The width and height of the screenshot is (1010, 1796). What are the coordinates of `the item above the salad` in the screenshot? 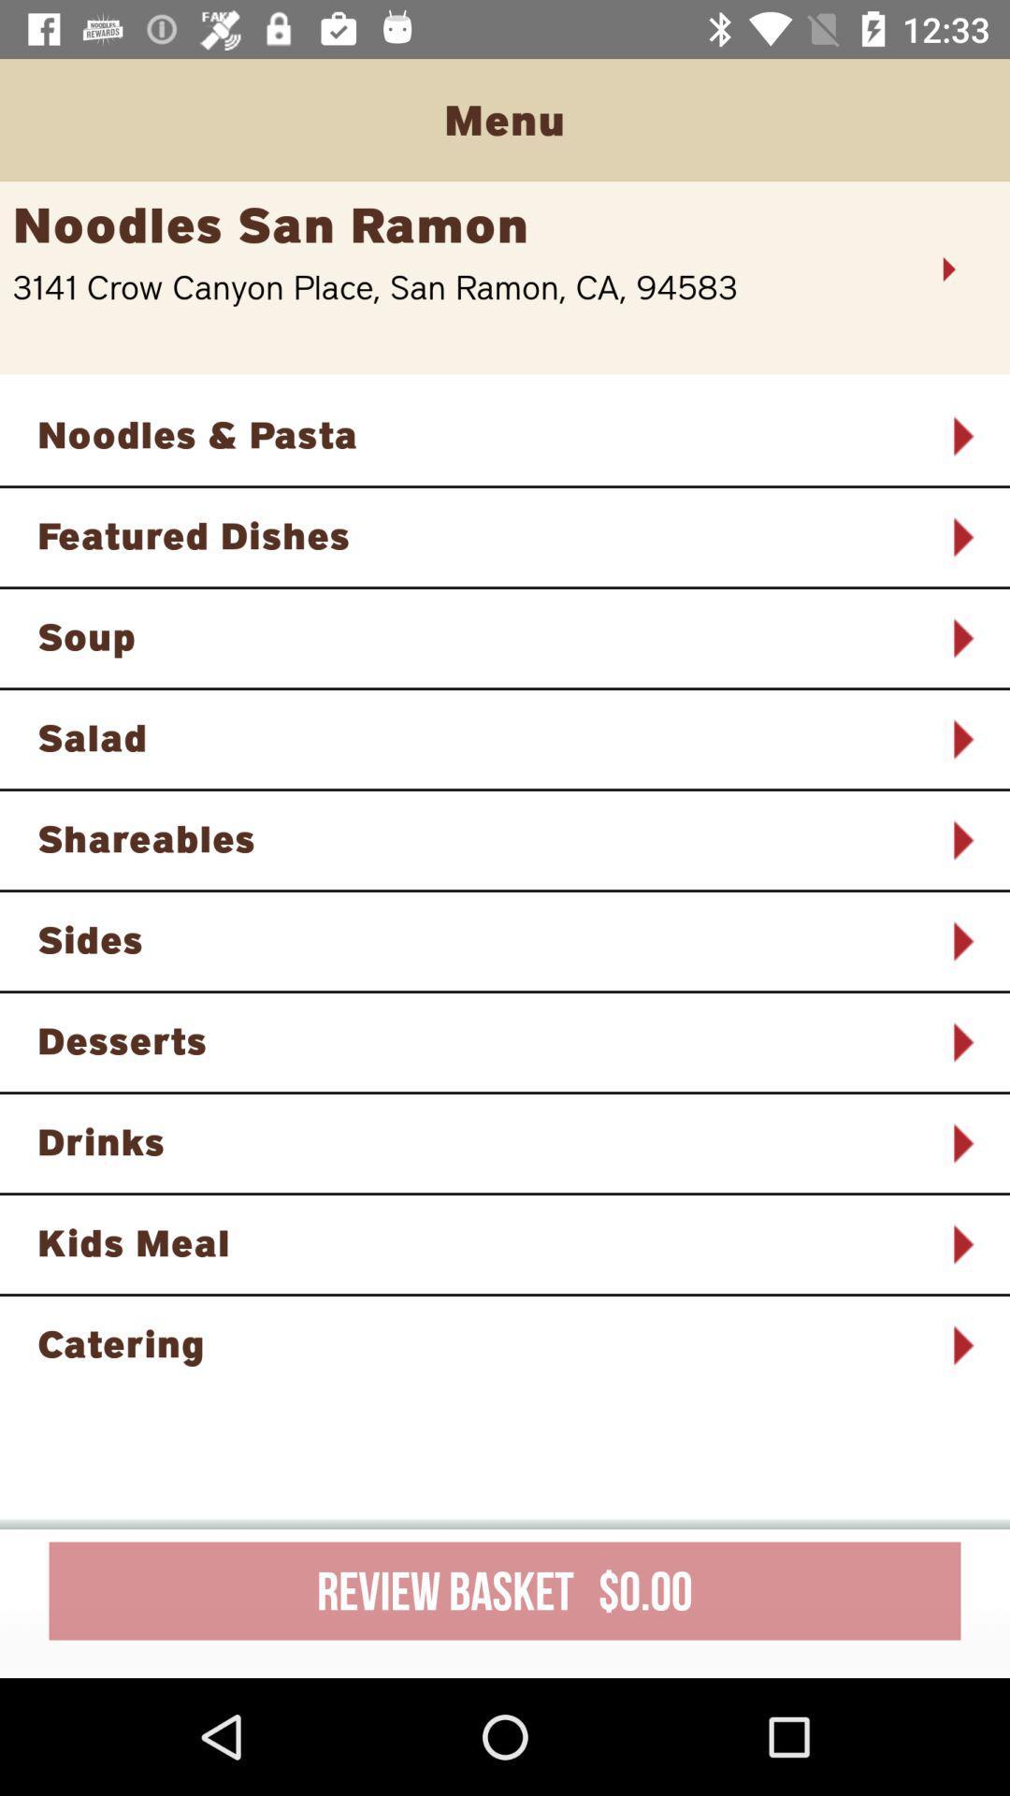 It's located at (480, 636).